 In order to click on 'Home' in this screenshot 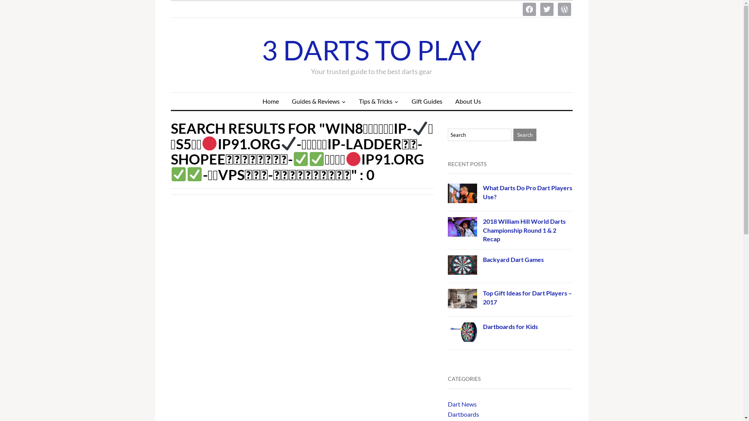, I will do `click(256, 101)`.